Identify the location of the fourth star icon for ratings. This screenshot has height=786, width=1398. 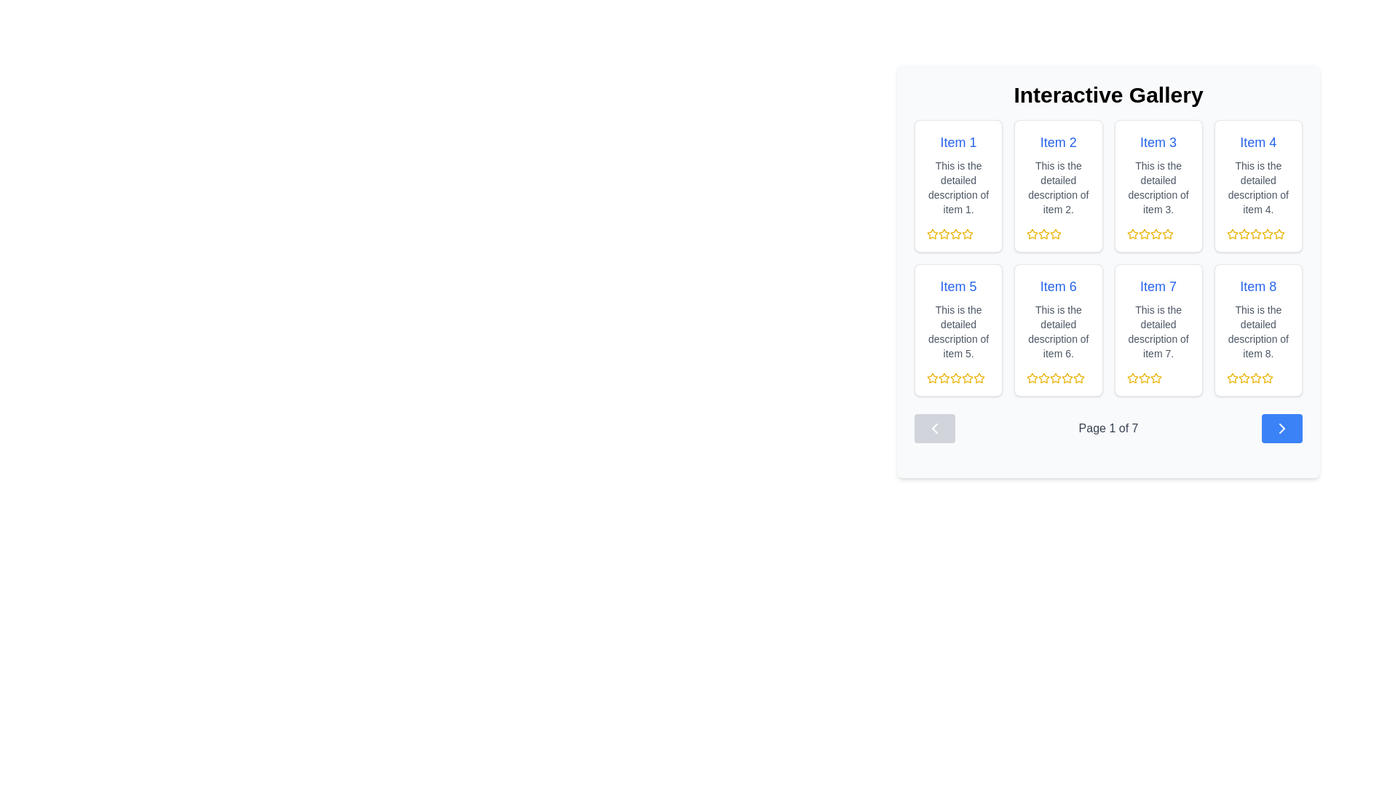
(1056, 378).